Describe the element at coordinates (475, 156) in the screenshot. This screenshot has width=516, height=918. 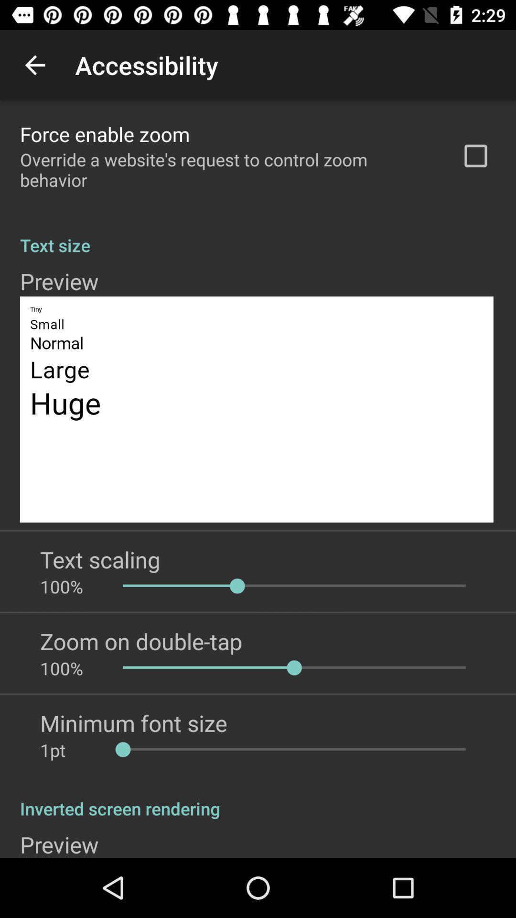
I see `the box which is beside the force enable zoom` at that location.